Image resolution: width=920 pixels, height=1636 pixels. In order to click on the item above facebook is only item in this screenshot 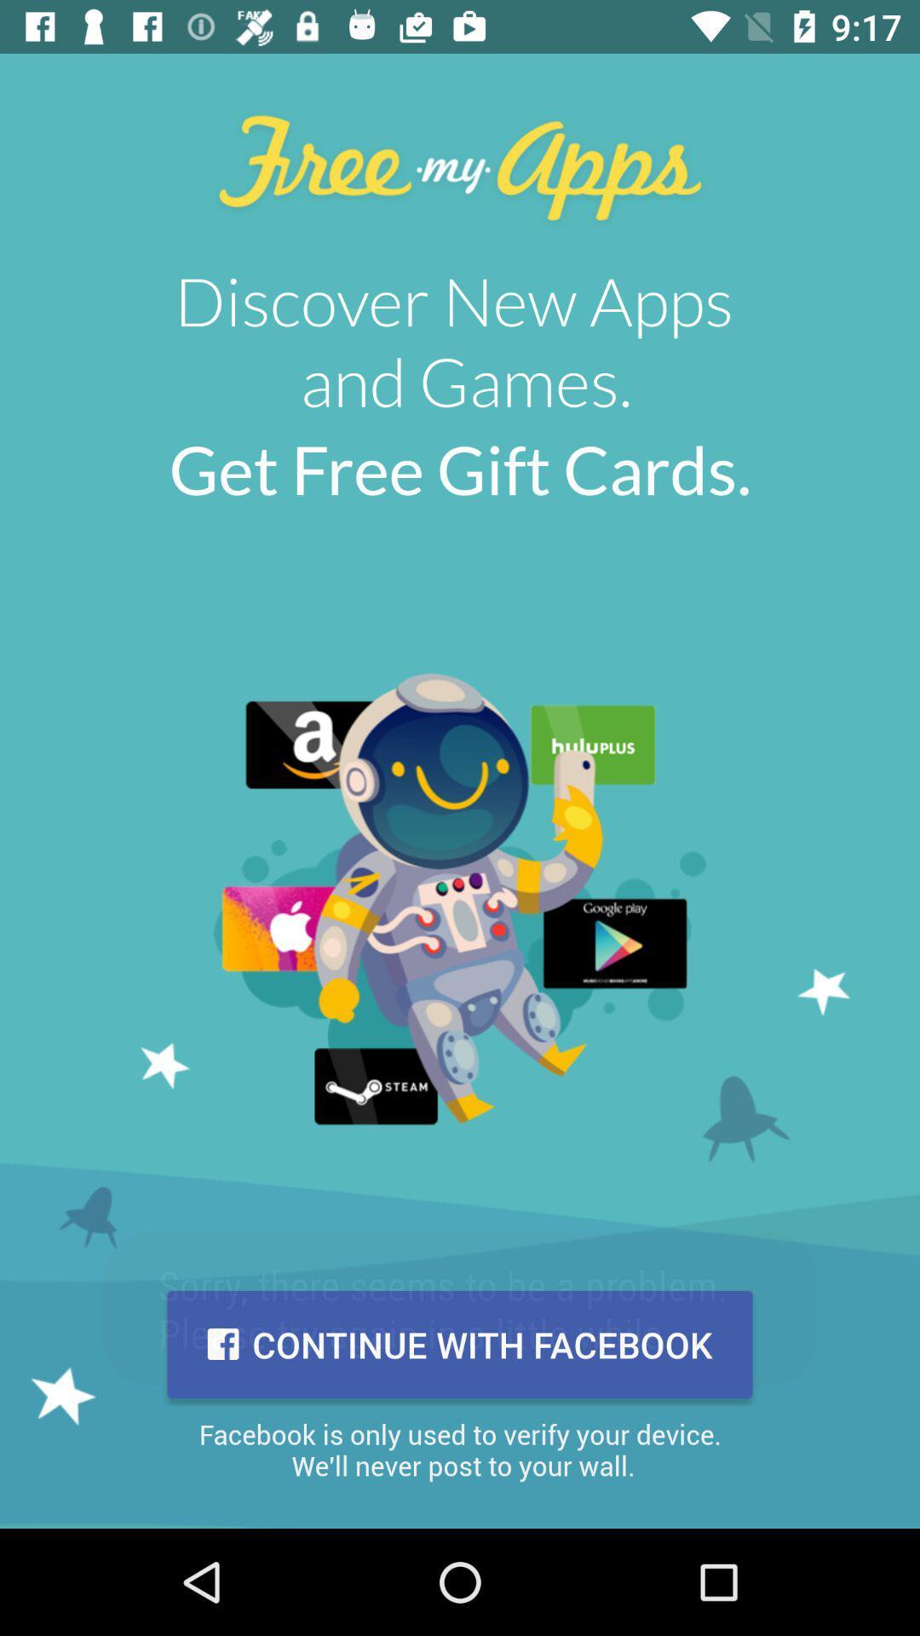, I will do `click(460, 1344)`.